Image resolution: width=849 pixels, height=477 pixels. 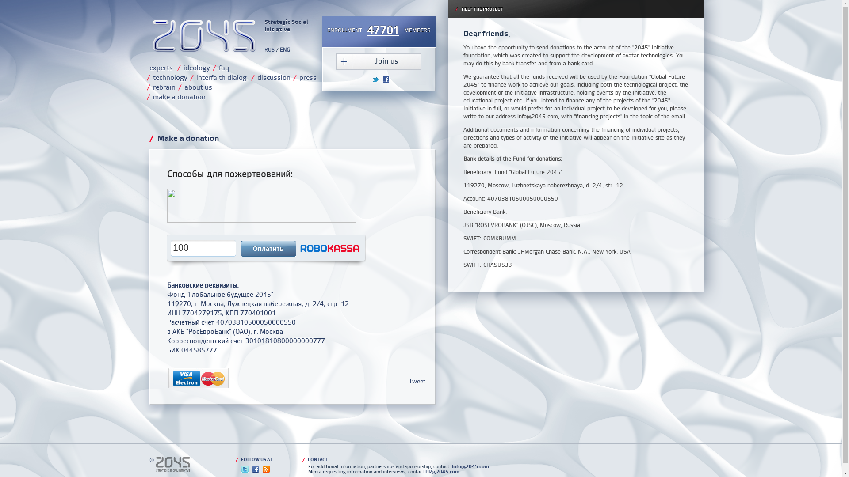 I want to click on 'discussion', so click(x=256, y=76).